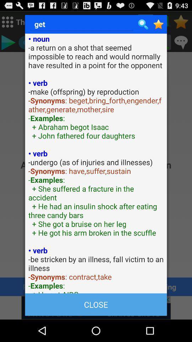 The width and height of the screenshot is (192, 342). What do you see at coordinates (159, 24) in the screenshot?
I see `this search` at bounding box center [159, 24].